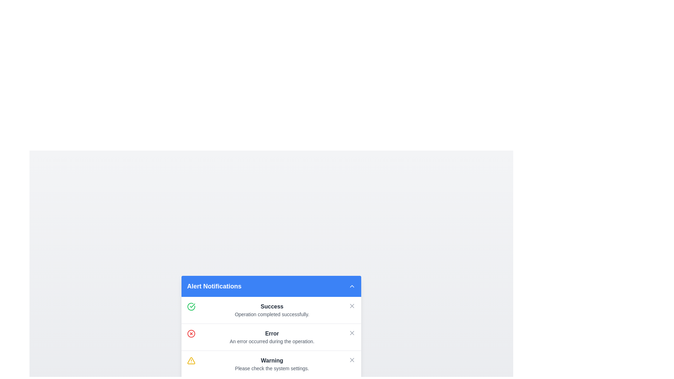 The width and height of the screenshot is (674, 379). Describe the element at coordinates (352, 360) in the screenshot. I see `the close icon (X shape) next to the 'Warning' notification in the Alert Notifications section` at that location.